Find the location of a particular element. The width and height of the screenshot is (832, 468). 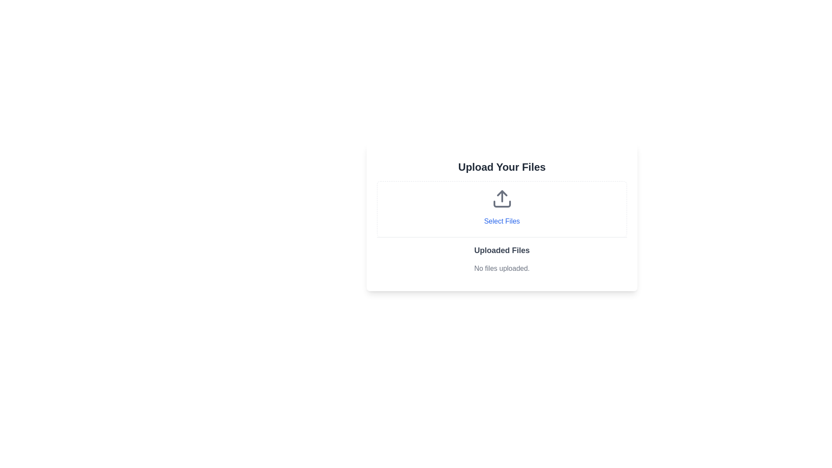

the interactive file selection area with an upload icon that features an upward arrow and the text 'Select Files' is located at coordinates (502, 209).